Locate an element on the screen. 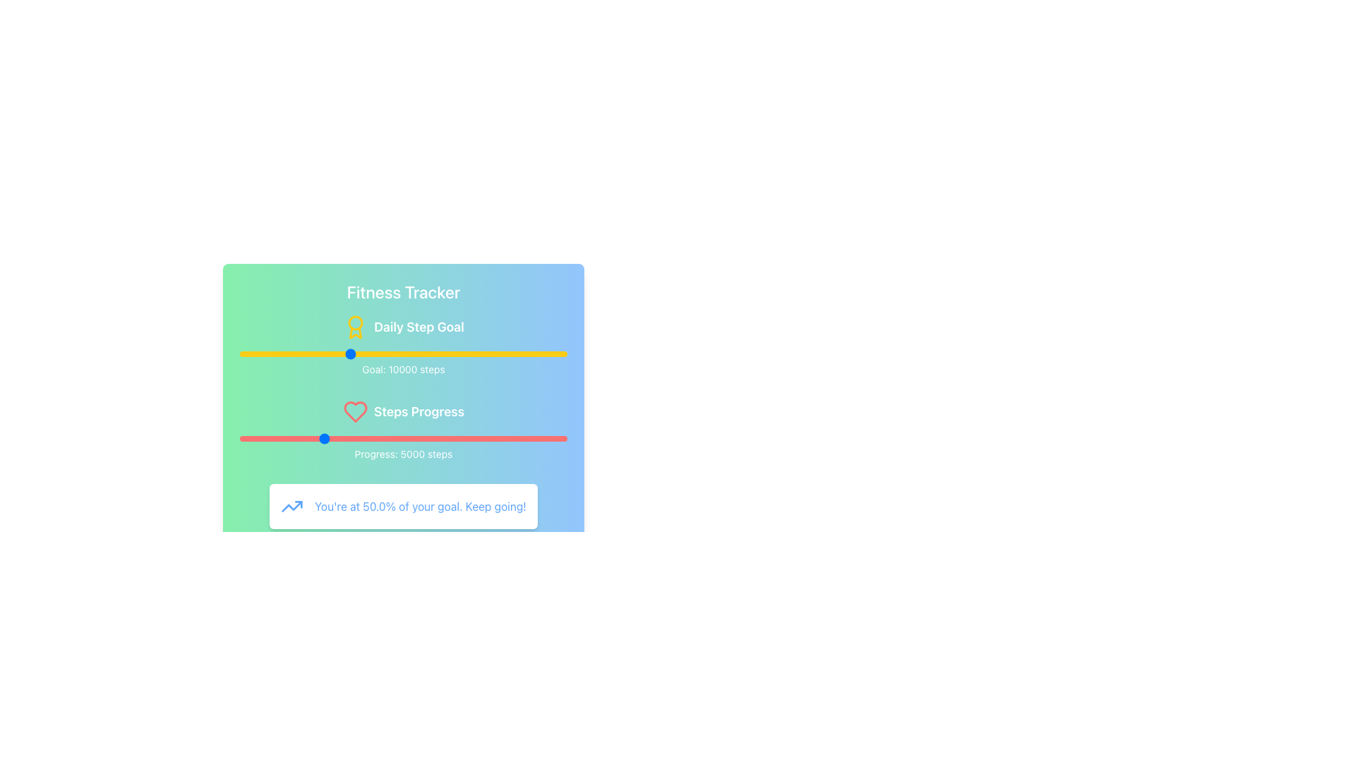  the medal icon representing the 'Daily Step Goal' feature, located to the left of the text 'Daily Step Goal' in the Fitness Tracker interface is located at coordinates (356, 327).